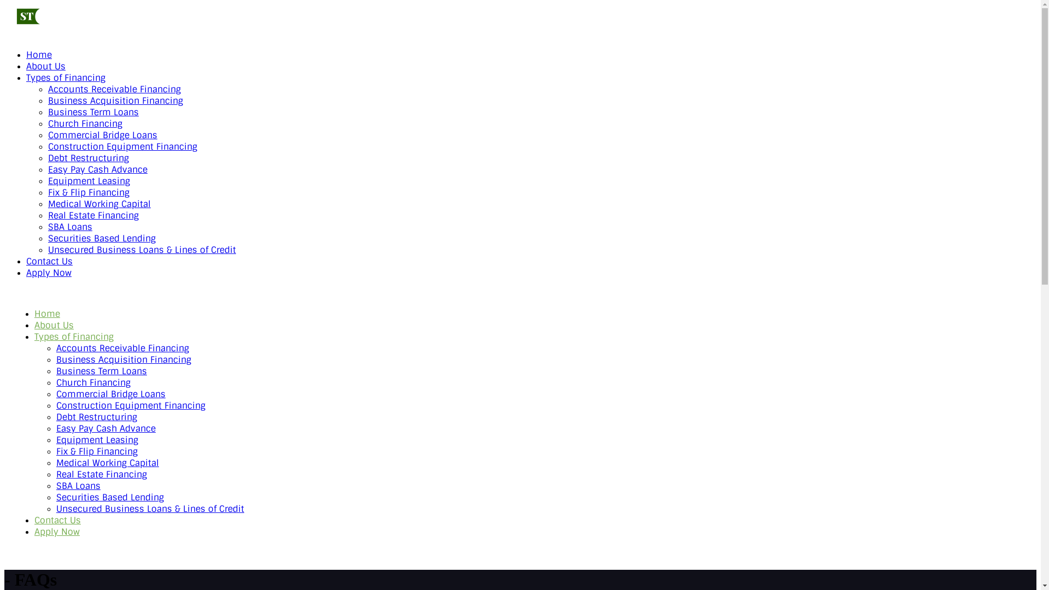 The image size is (1049, 590). What do you see at coordinates (48, 272) in the screenshot?
I see `'Apply Now'` at bounding box center [48, 272].